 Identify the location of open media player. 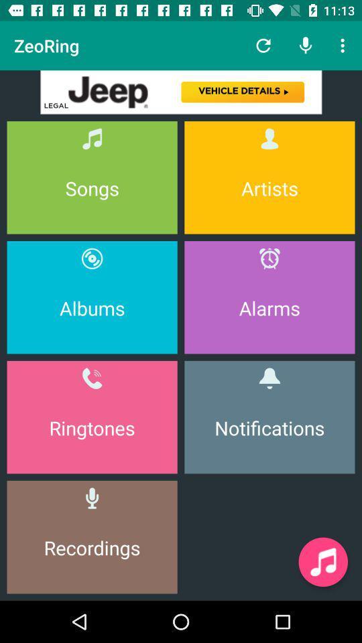
(322, 562).